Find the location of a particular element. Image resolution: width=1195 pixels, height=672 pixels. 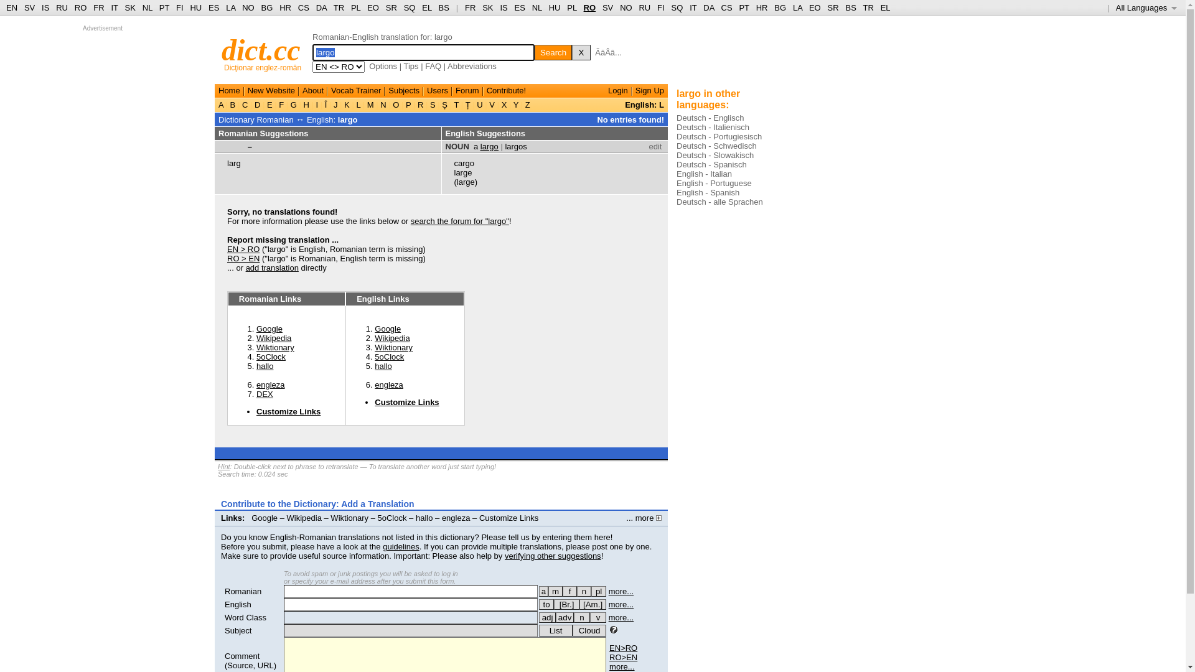

'RU' is located at coordinates (644, 7).